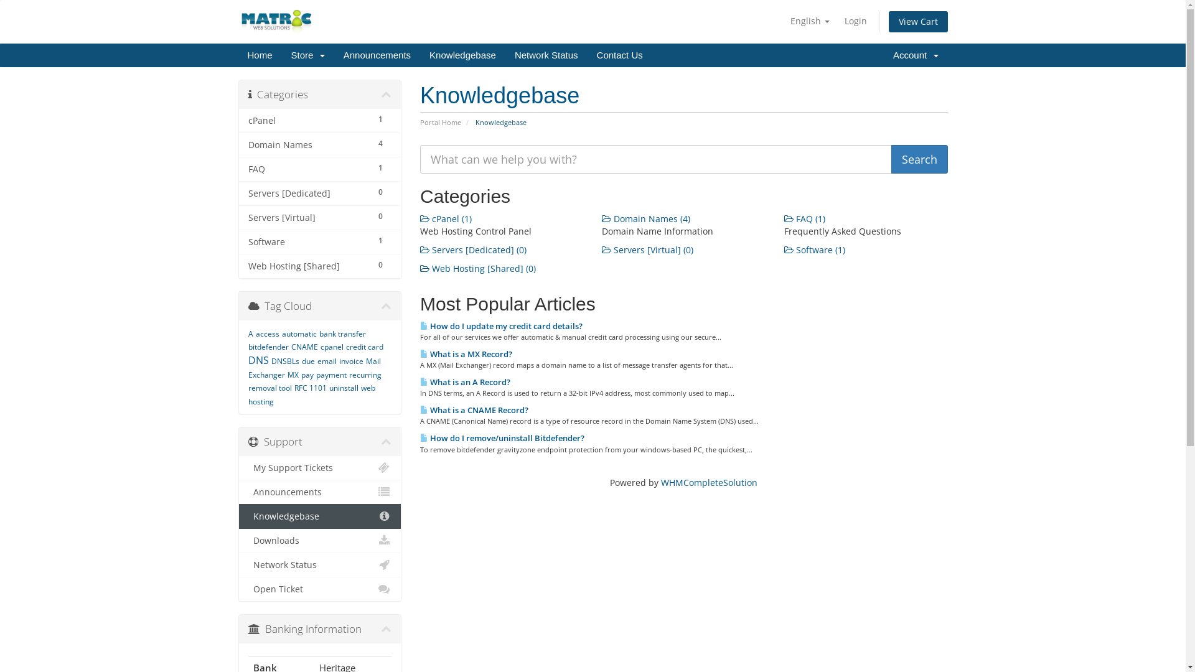 This screenshot has height=672, width=1195. What do you see at coordinates (619, 54) in the screenshot?
I see `'Contact Us'` at bounding box center [619, 54].